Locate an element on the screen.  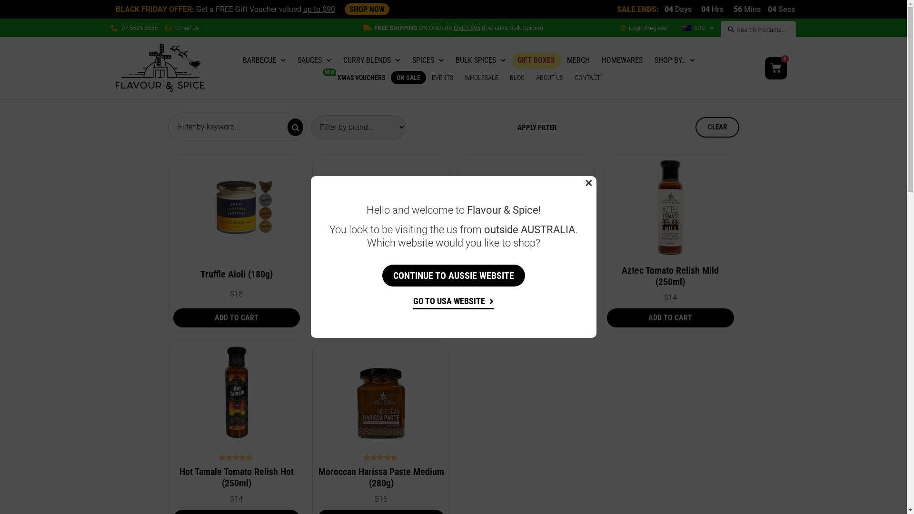
'SAUCES' is located at coordinates (314, 60).